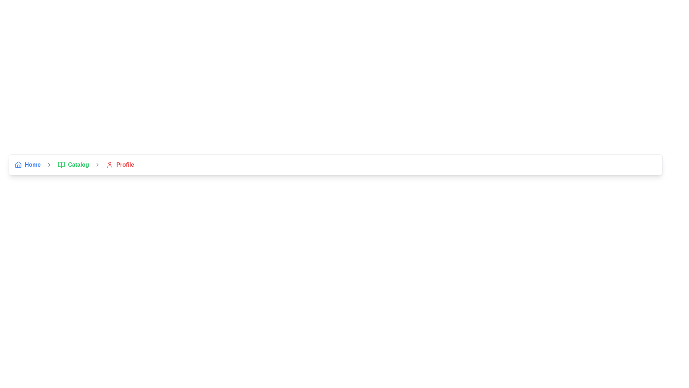 The width and height of the screenshot is (689, 388). Describe the element at coordinates (18, 165) in the screenshot. I see `the house icon in the navigation bar, which is styled in blue and located next to the label 'Home'` at that location.